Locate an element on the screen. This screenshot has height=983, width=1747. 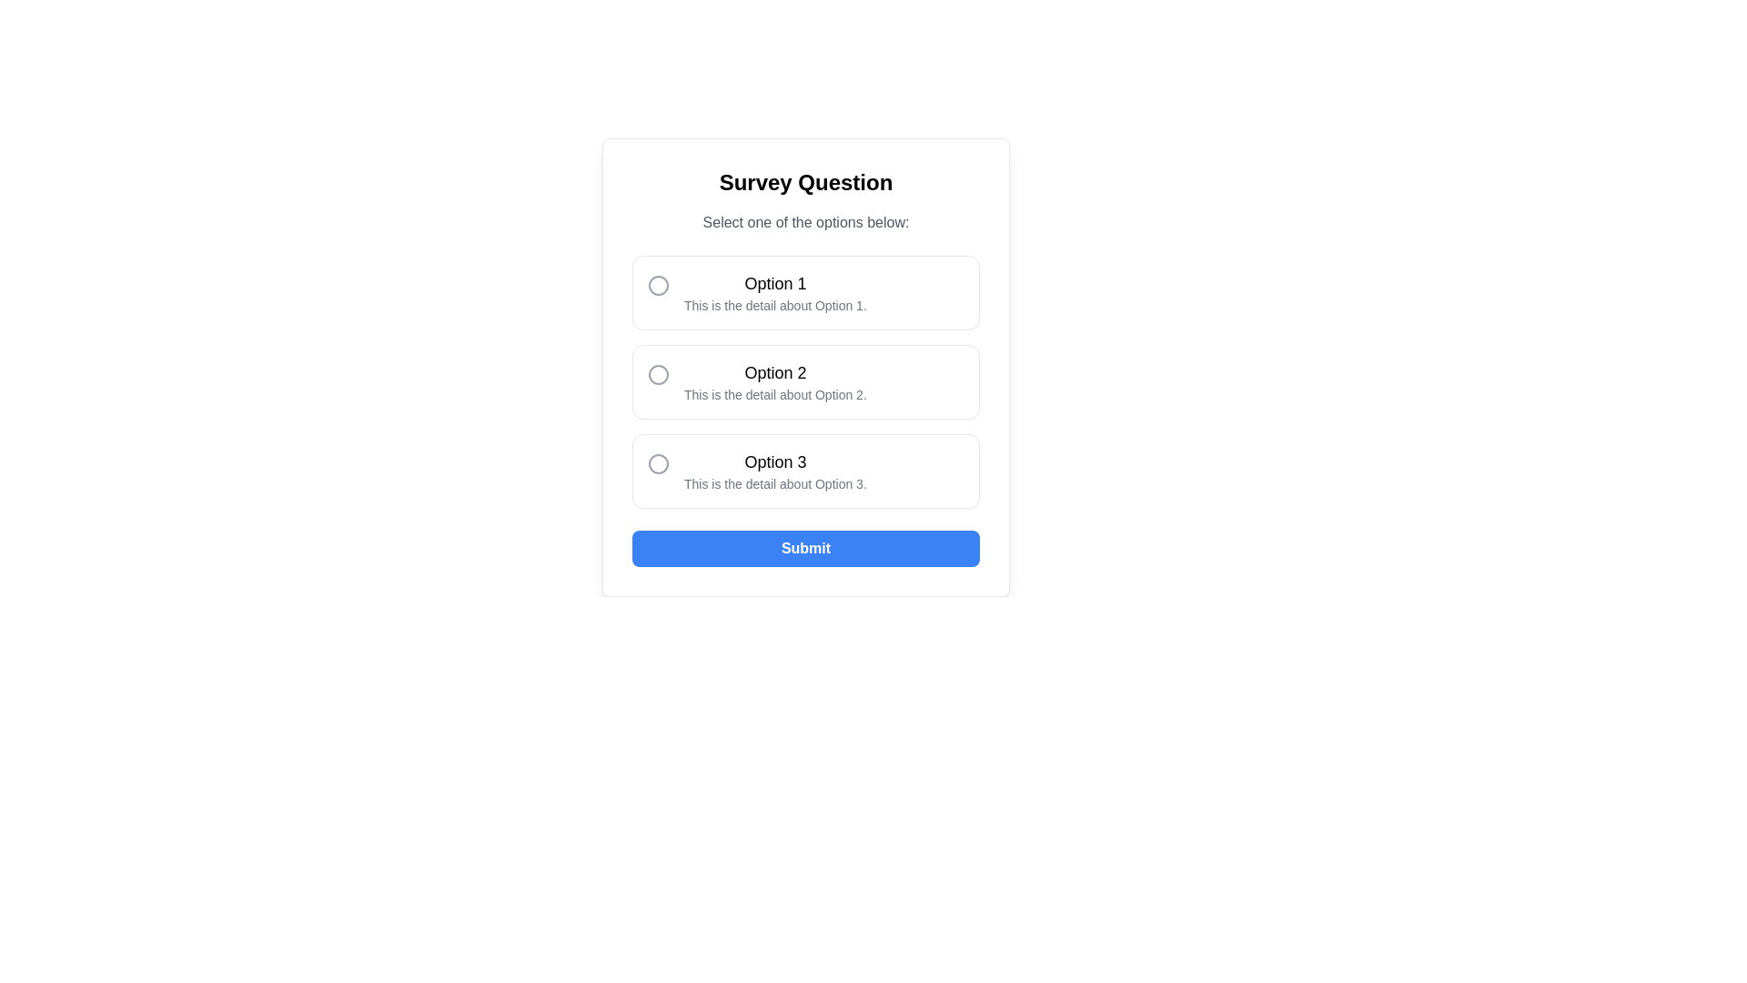
the gray circular radio button located to the left of the text 'Option 2' is located at coordinates (658, 374).